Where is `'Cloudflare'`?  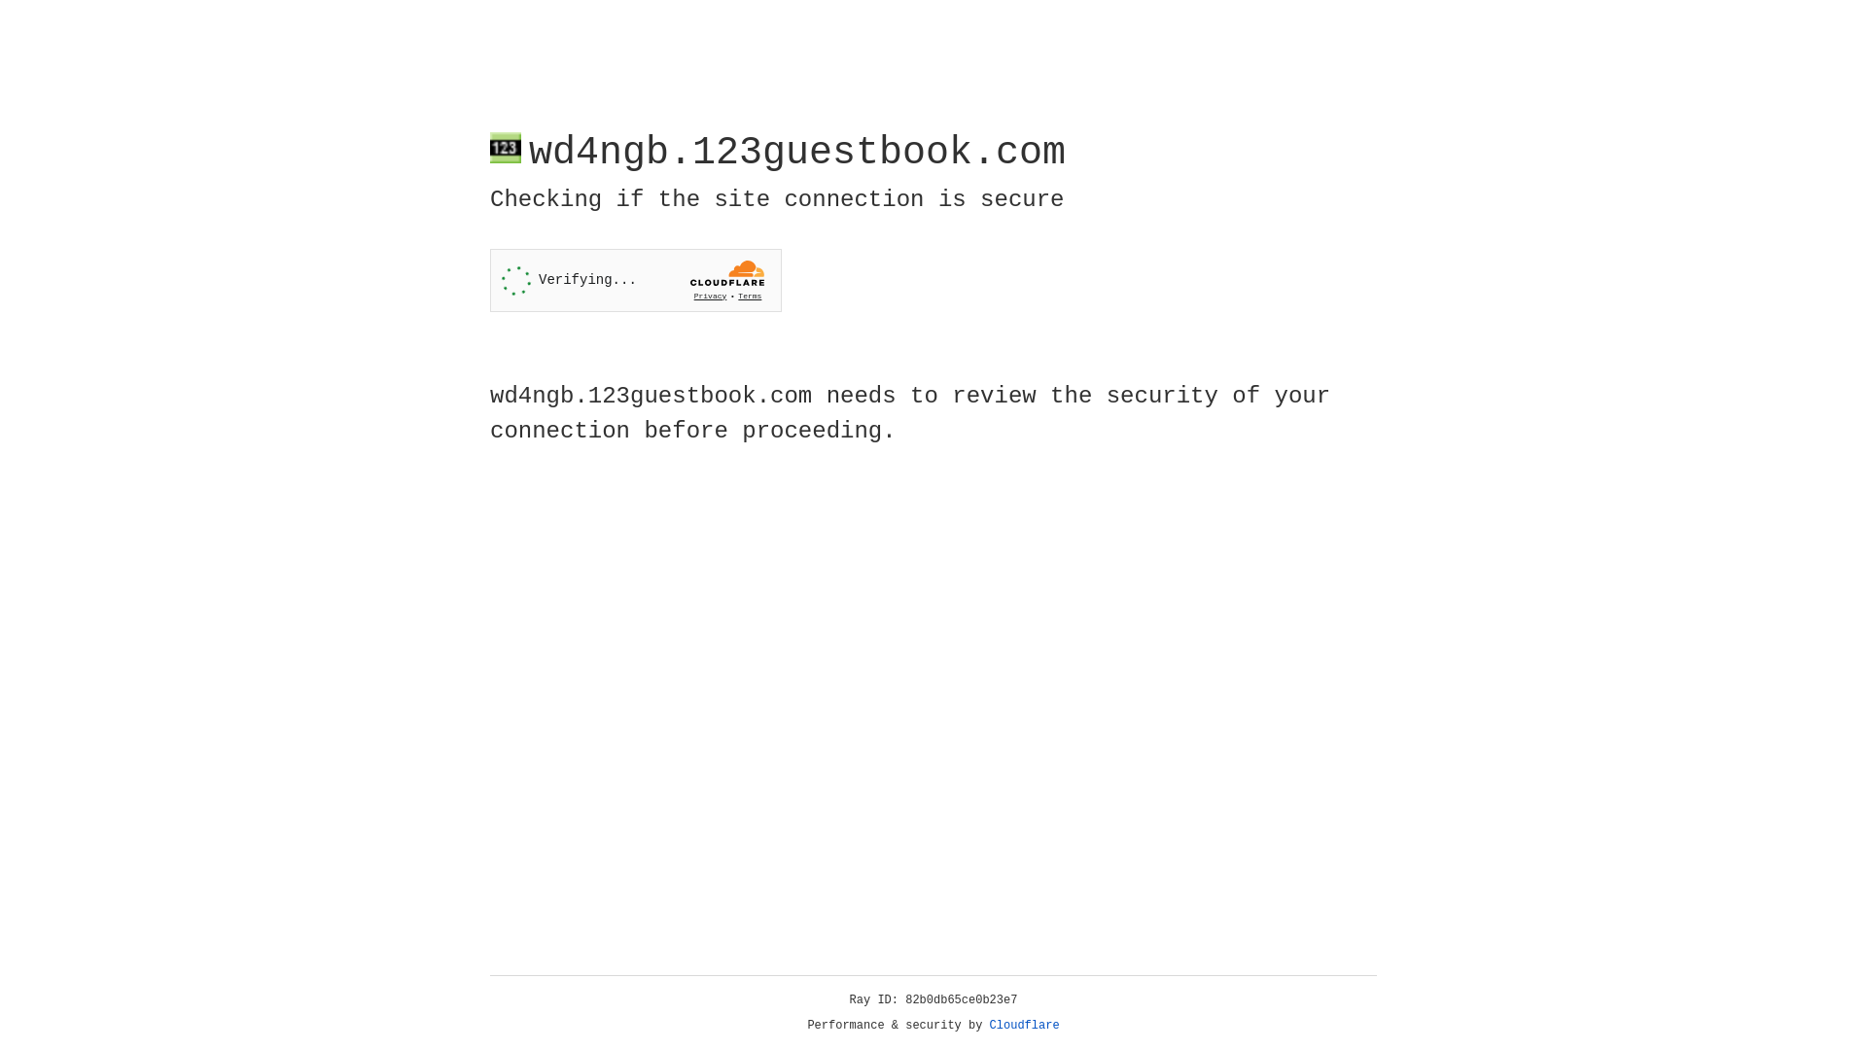
'Cloudflare' is located at coordinates (989, 1025).